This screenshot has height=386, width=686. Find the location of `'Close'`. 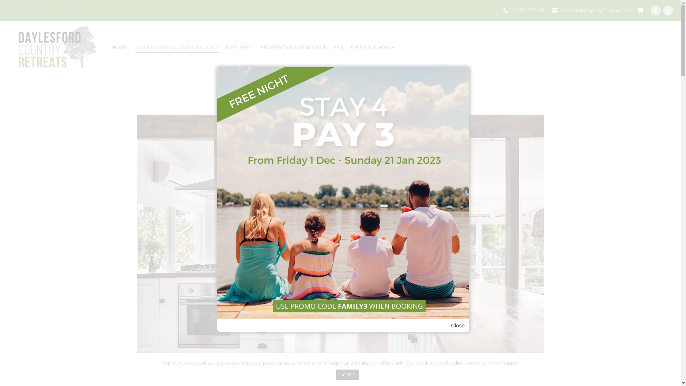

'Close' is located at coordinates (458, 325).